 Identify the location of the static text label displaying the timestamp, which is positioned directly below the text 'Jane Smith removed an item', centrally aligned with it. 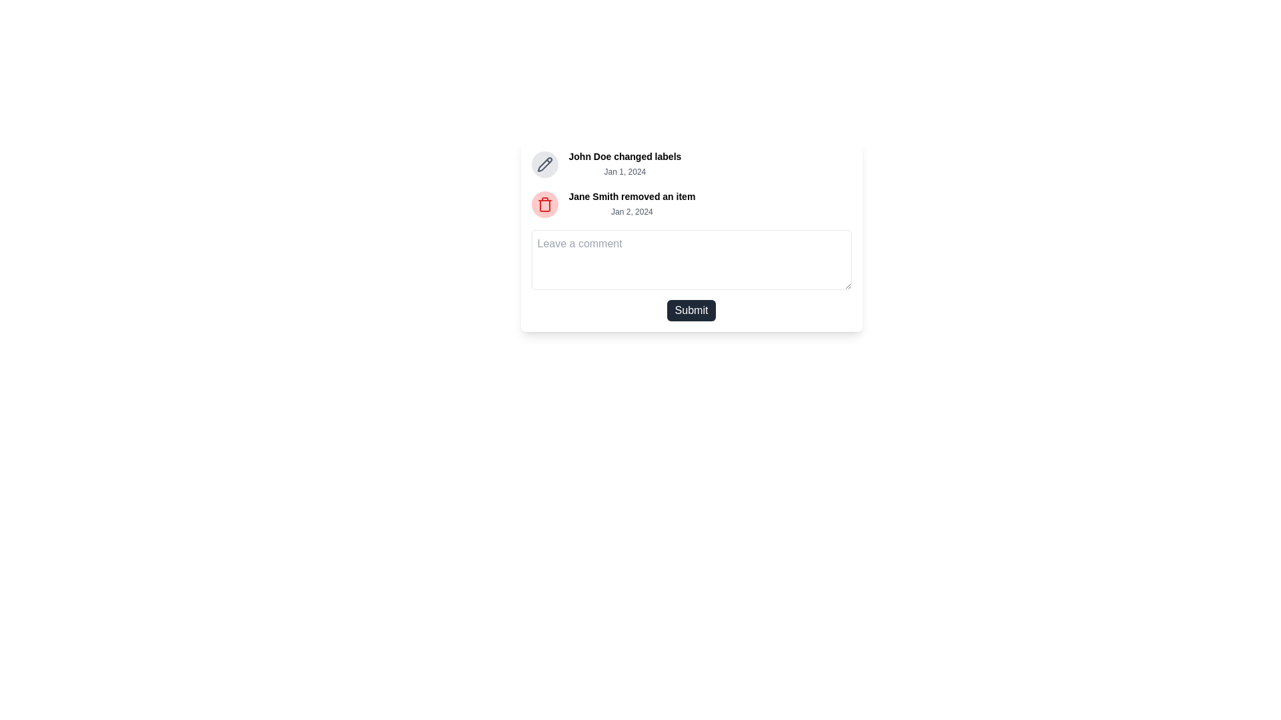
(631, 211).